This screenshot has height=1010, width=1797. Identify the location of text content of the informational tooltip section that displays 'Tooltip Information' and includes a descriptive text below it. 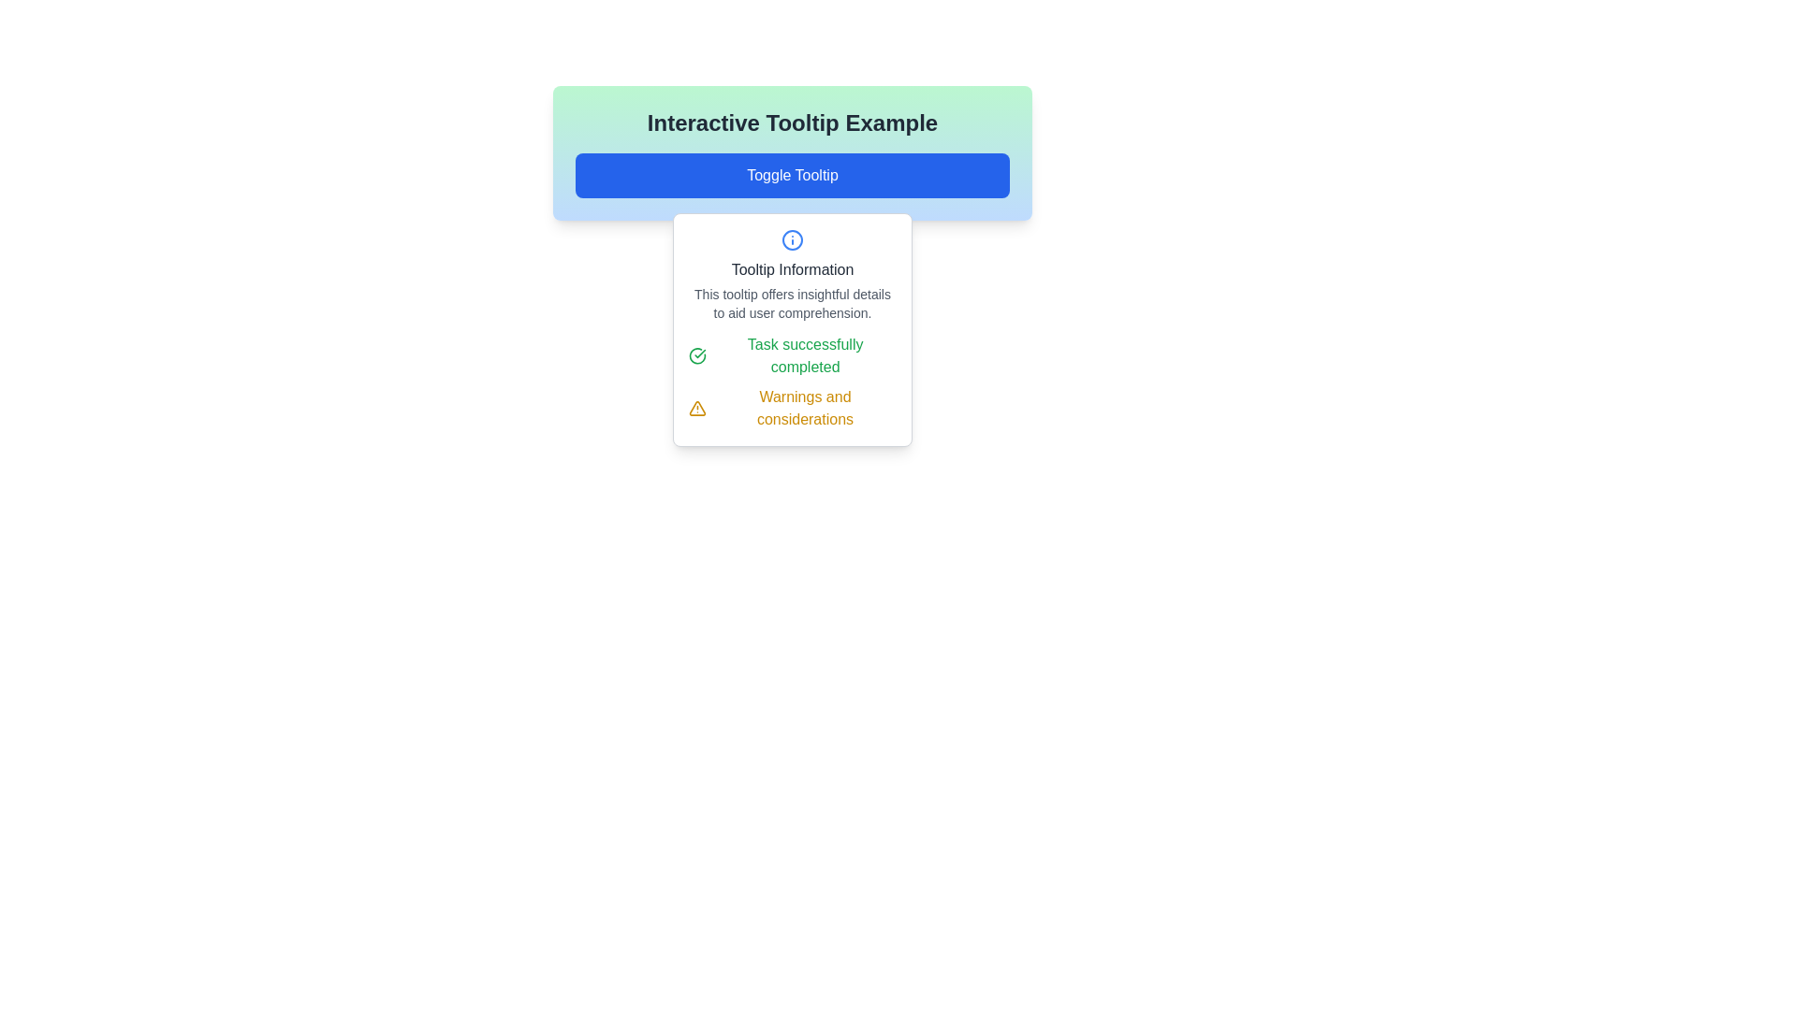
(792, 275).